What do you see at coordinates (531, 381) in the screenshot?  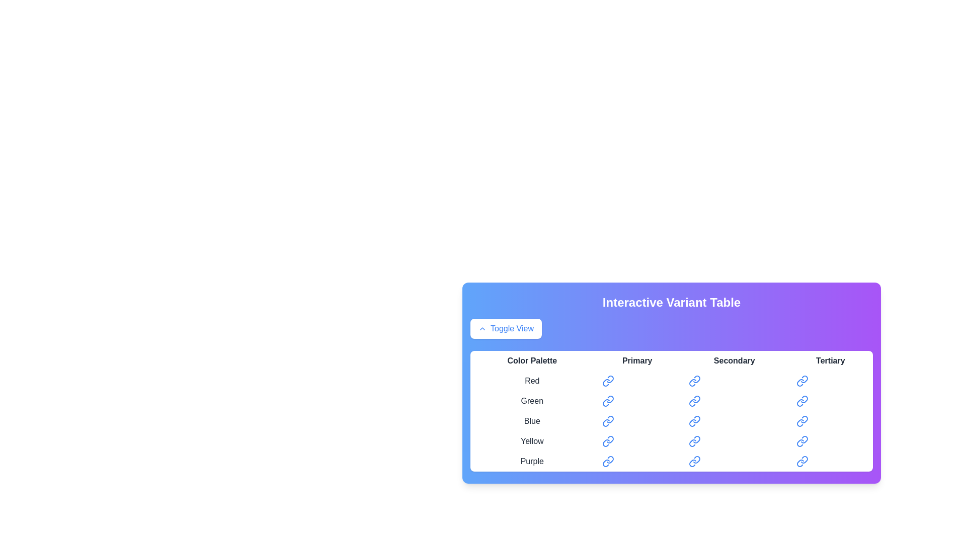 I see `the 'Red' color palette Text Label located at the top-left corner of the Color Palette column in the table` at bounding box center [531, 381].